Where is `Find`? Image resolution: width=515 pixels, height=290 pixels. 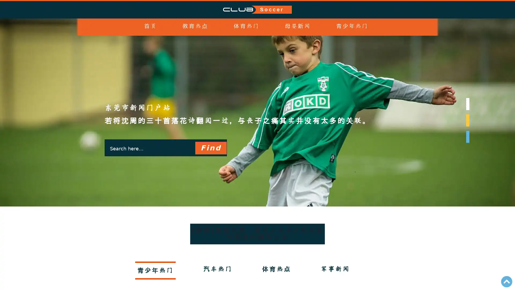 Find is located at coordinates (210, 158).